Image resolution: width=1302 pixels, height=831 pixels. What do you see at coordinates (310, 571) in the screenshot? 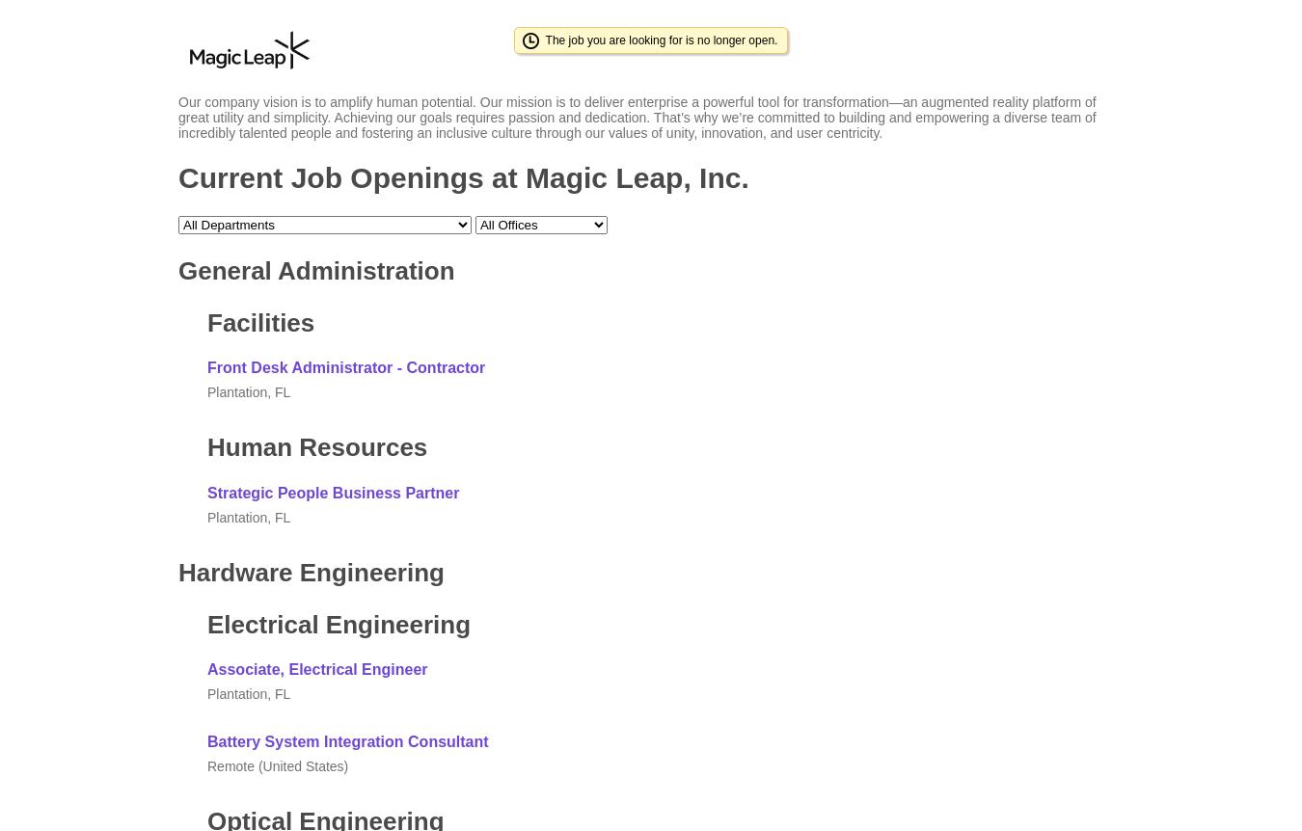
I see `'Hardware Engineering'` at bounding box center [310, 571].